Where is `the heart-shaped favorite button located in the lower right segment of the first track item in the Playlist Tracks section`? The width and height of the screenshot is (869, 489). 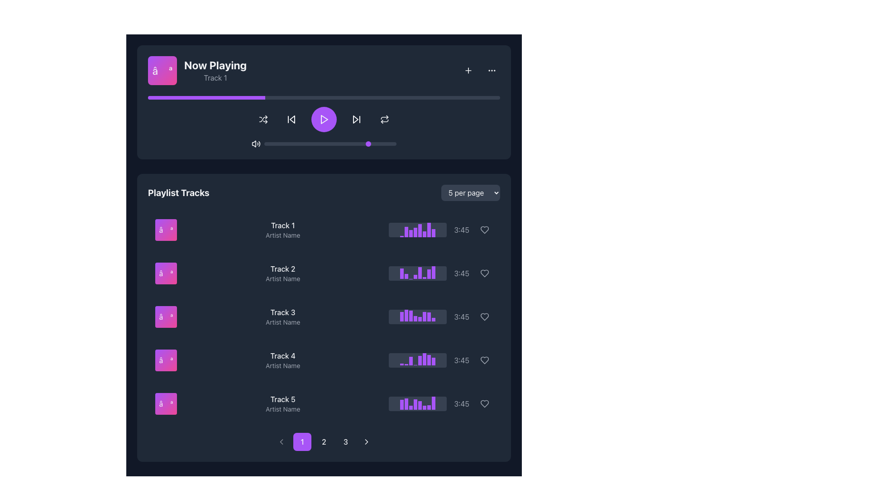
the heart-shaped favorite button located in the lower right segment of the first track item in the Playlist Tracks section is located at coordinates (484, 230).